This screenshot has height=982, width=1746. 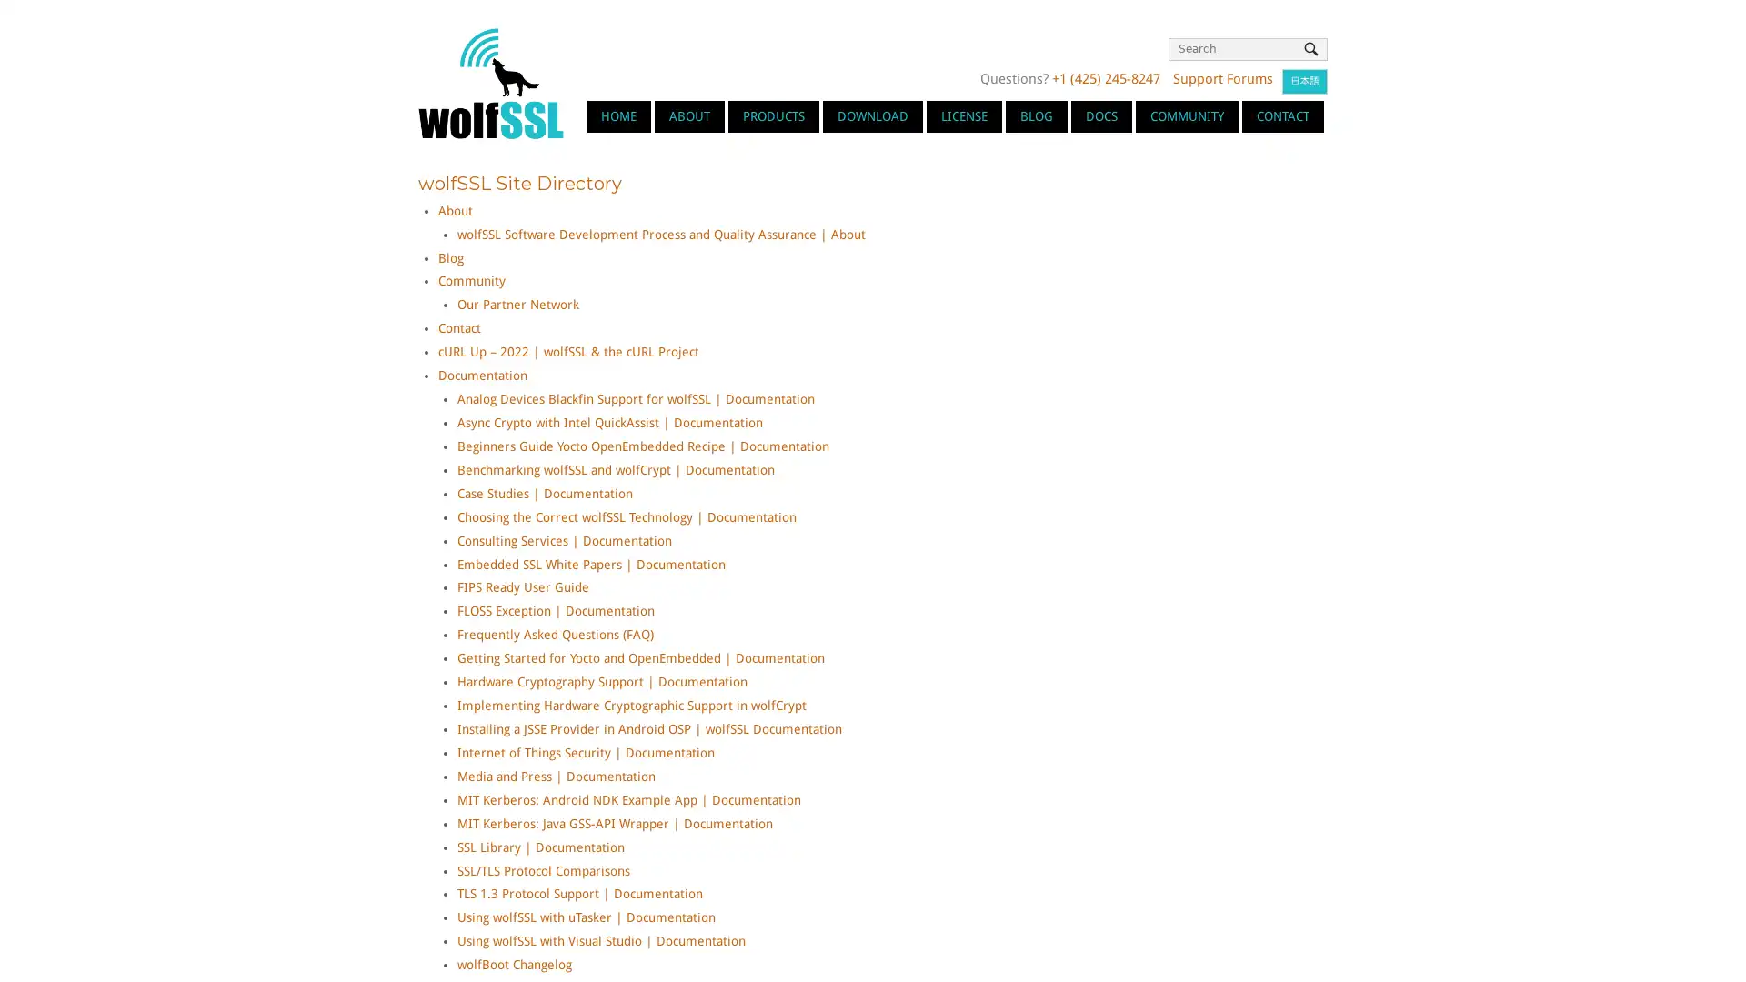 What do you see at coordinates (1310, 48) in the screenshot?
I see `Search` at bounding box center [1310, 48].